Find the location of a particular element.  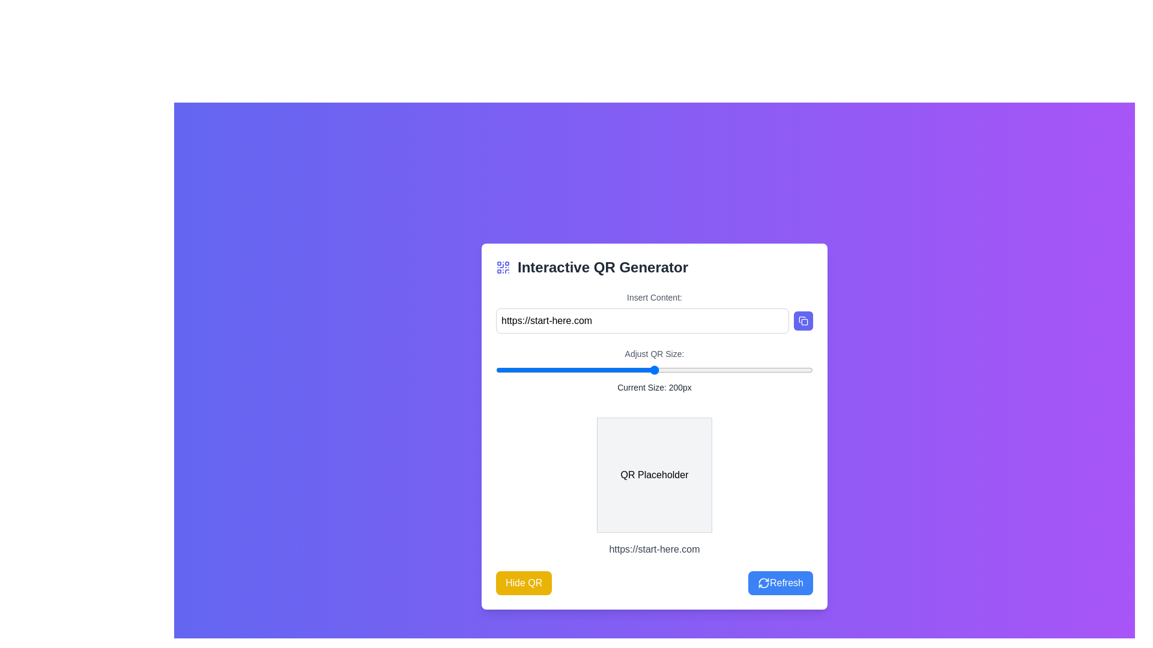

the textual hyperlink styled in gray located at the bottom of the 'QR Placeholder' section is located at coordinates (653, 549).